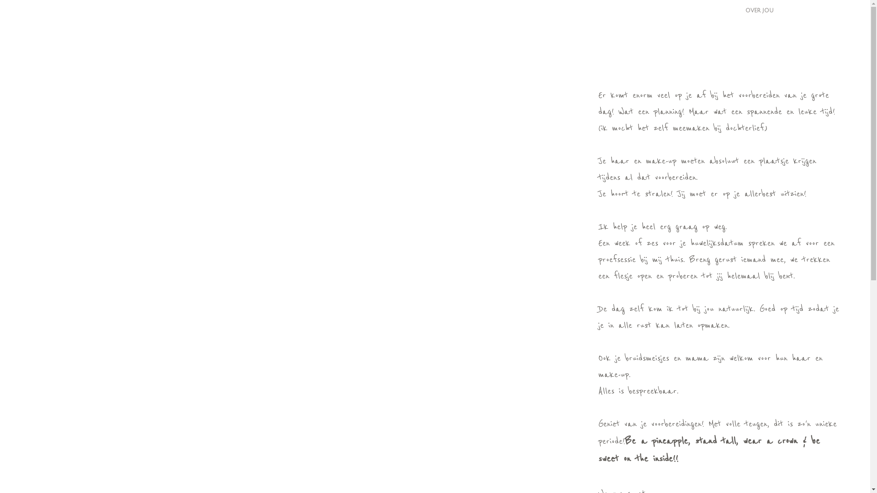 This screenshot has height=493, width=877. I want to click on 'CONTACT', so click(829, 32).